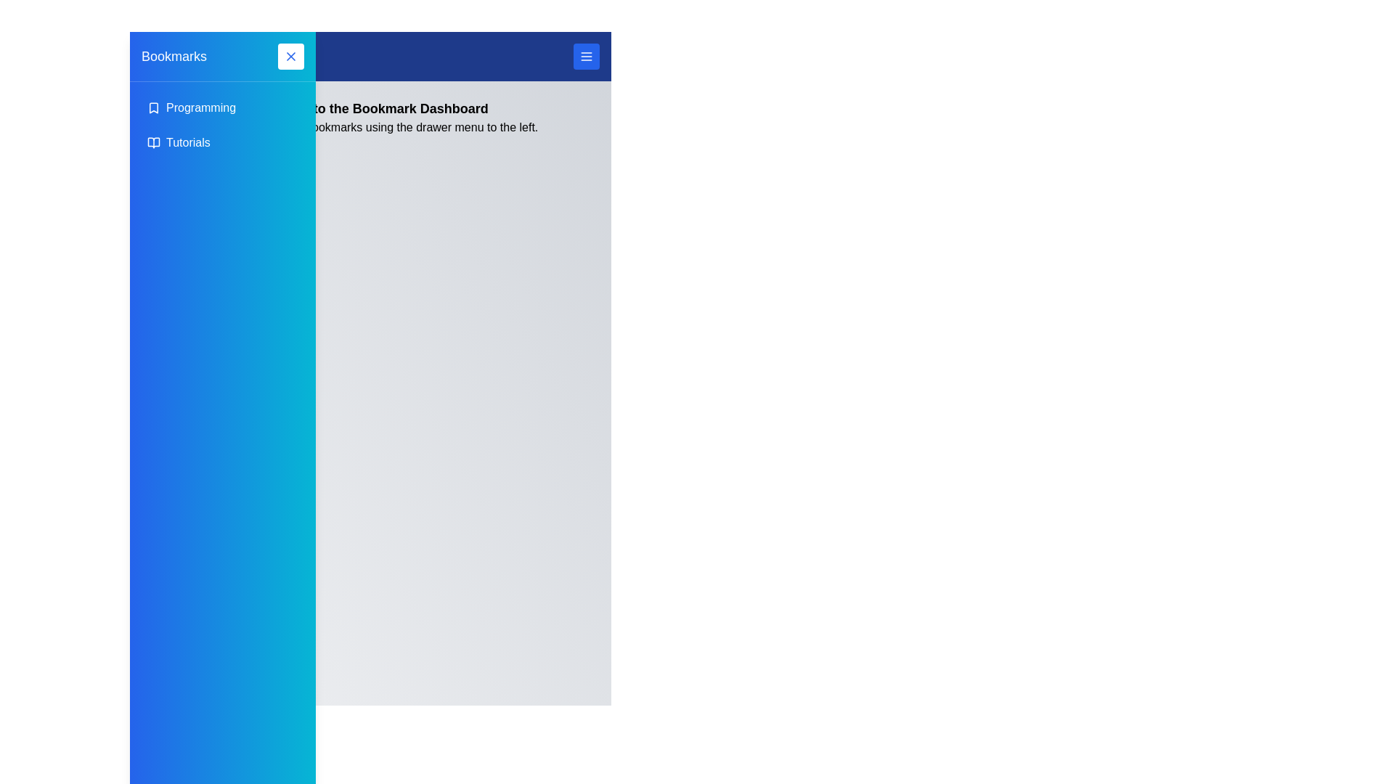 Image resolution: width=1394 pixels, height=784 pixels. What do you see at coordinates (153, 107) in the screenshot?
I see `the icon next to the 'Programming' label in the sidebar at the top, which serves as a visual indicator for a list item` at bounding box center [153, 107].